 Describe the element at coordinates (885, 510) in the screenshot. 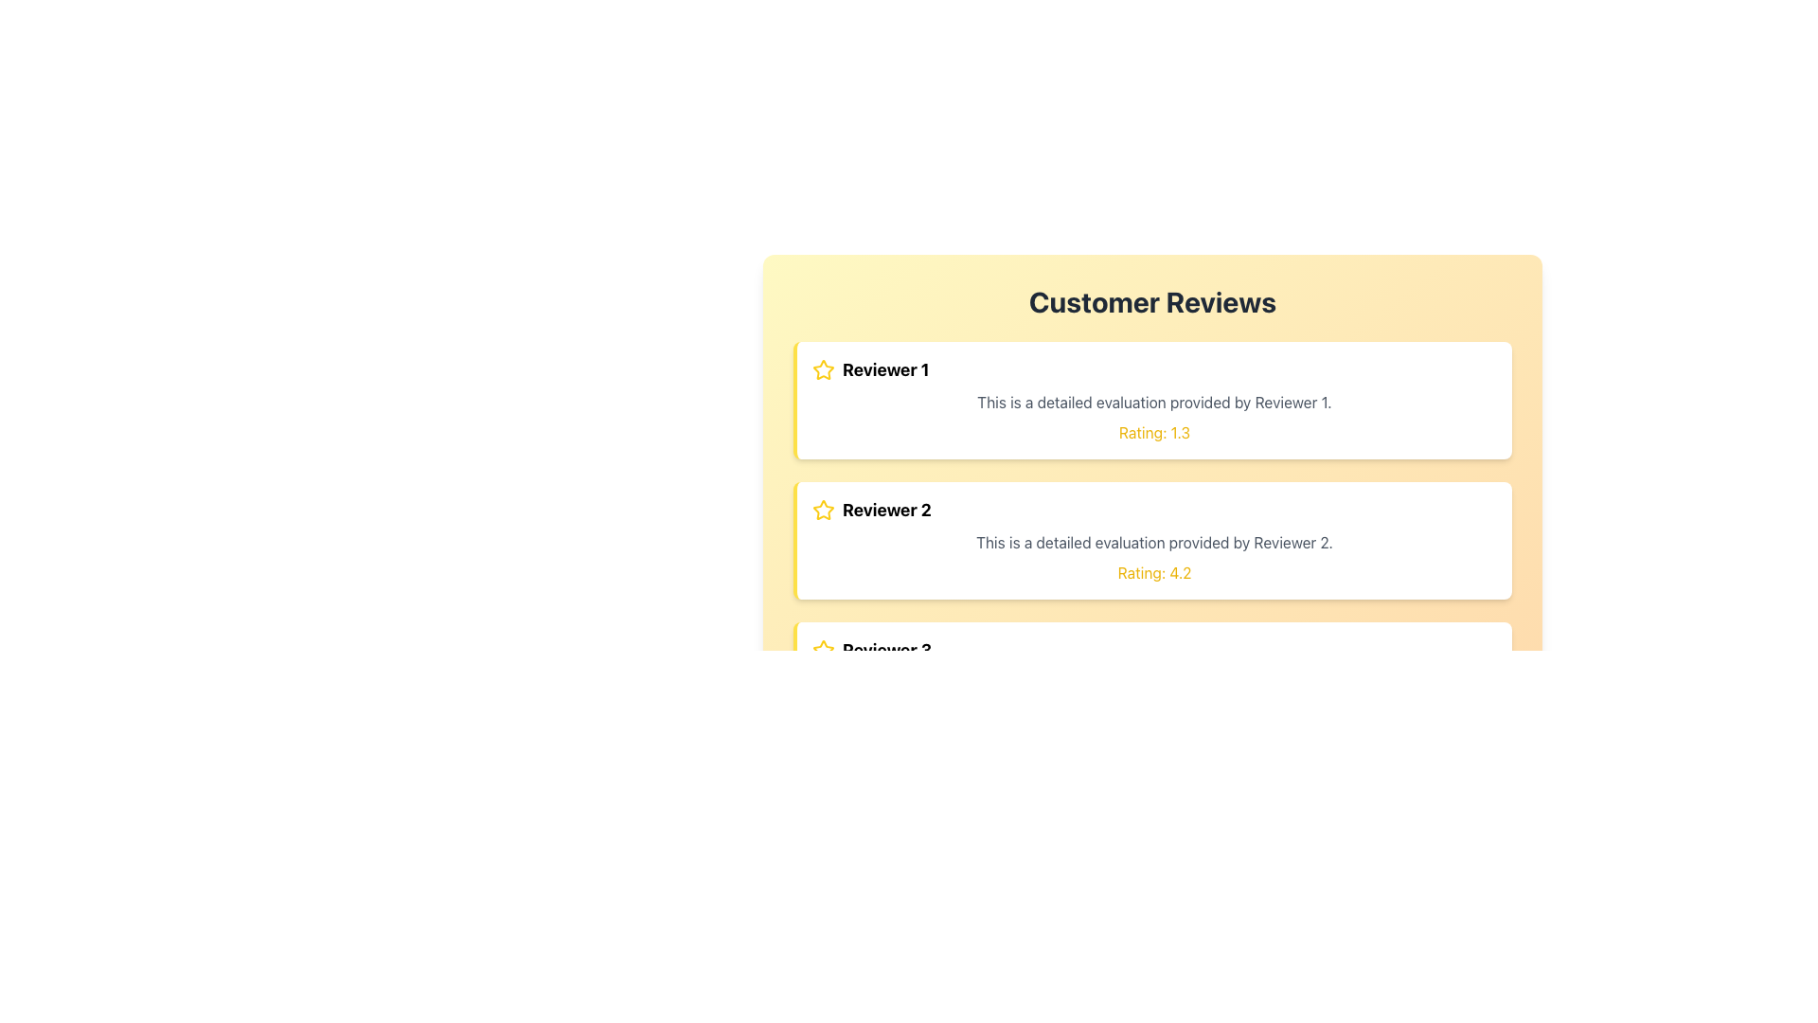

I see `the text label that identifies the reviewer associated with the content in the second review card, located to the right of a star icon` at that location.